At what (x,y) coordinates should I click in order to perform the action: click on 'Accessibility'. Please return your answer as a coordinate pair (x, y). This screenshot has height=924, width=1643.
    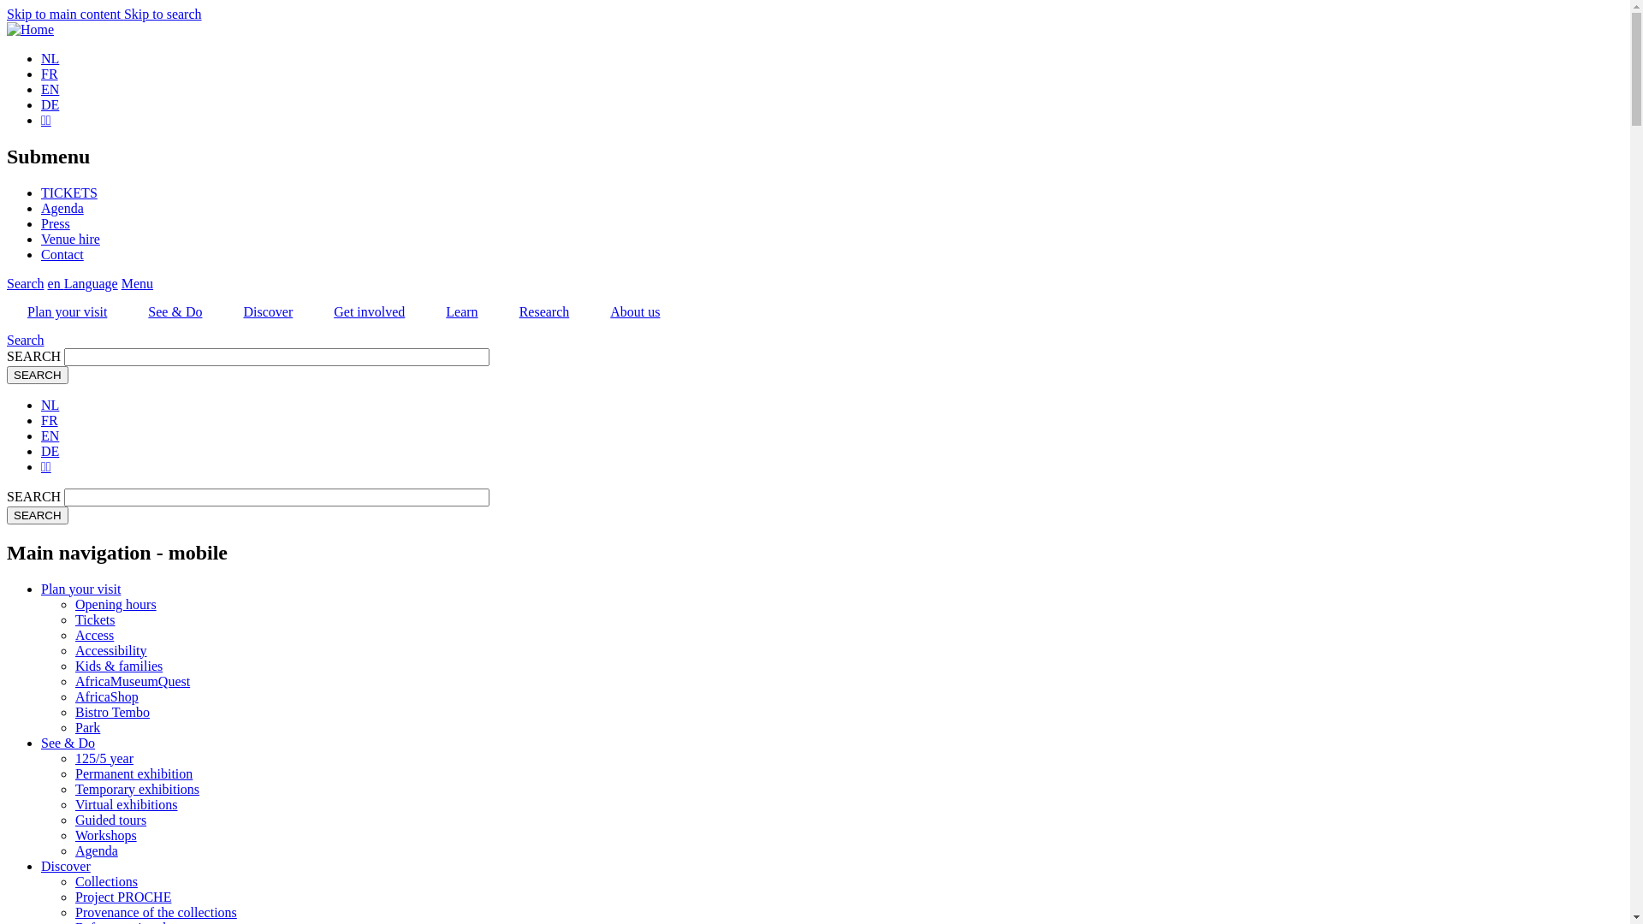
    Looking at the image, I should click on (74, 650).